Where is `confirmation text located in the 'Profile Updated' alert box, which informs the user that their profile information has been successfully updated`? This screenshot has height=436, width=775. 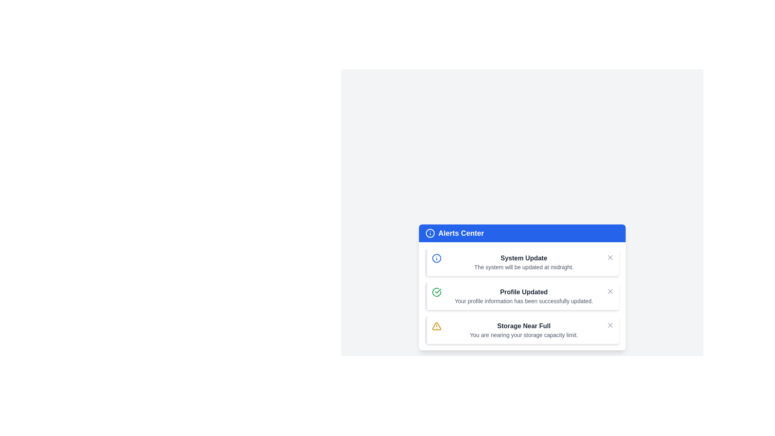 confirmation text located in the 'Profile Updated' alert box, which informs the user that their profile information has been successfully updated is located at coordinates (524, 301).